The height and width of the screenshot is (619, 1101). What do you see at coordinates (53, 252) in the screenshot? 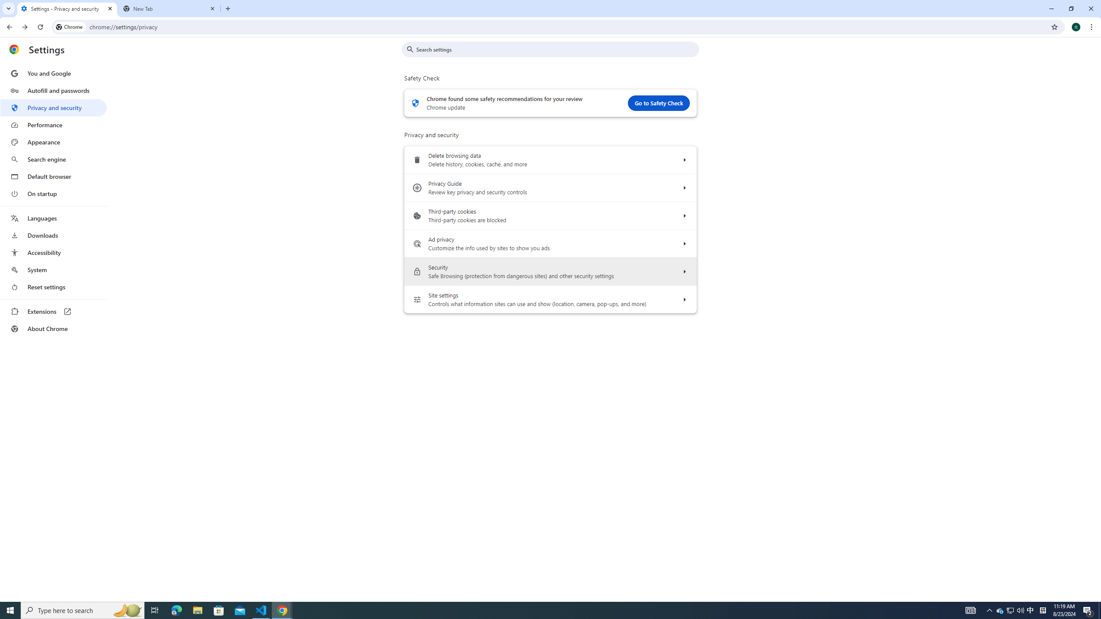
I see `'Accessibility'` at bounding box center [53, 252].